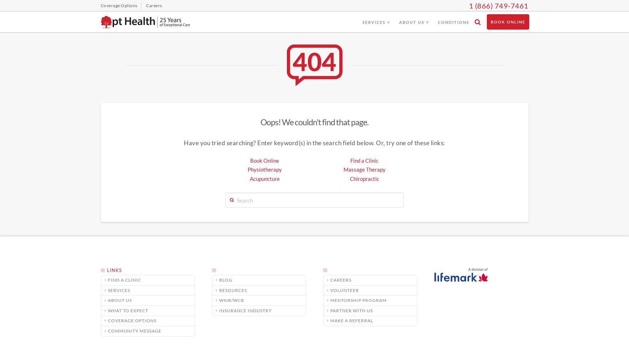 The width and height of the screenshot is (629, 356). Describe the element at coordinates (108, 330) in the screenshot. I see `'Community Message'` at that location.